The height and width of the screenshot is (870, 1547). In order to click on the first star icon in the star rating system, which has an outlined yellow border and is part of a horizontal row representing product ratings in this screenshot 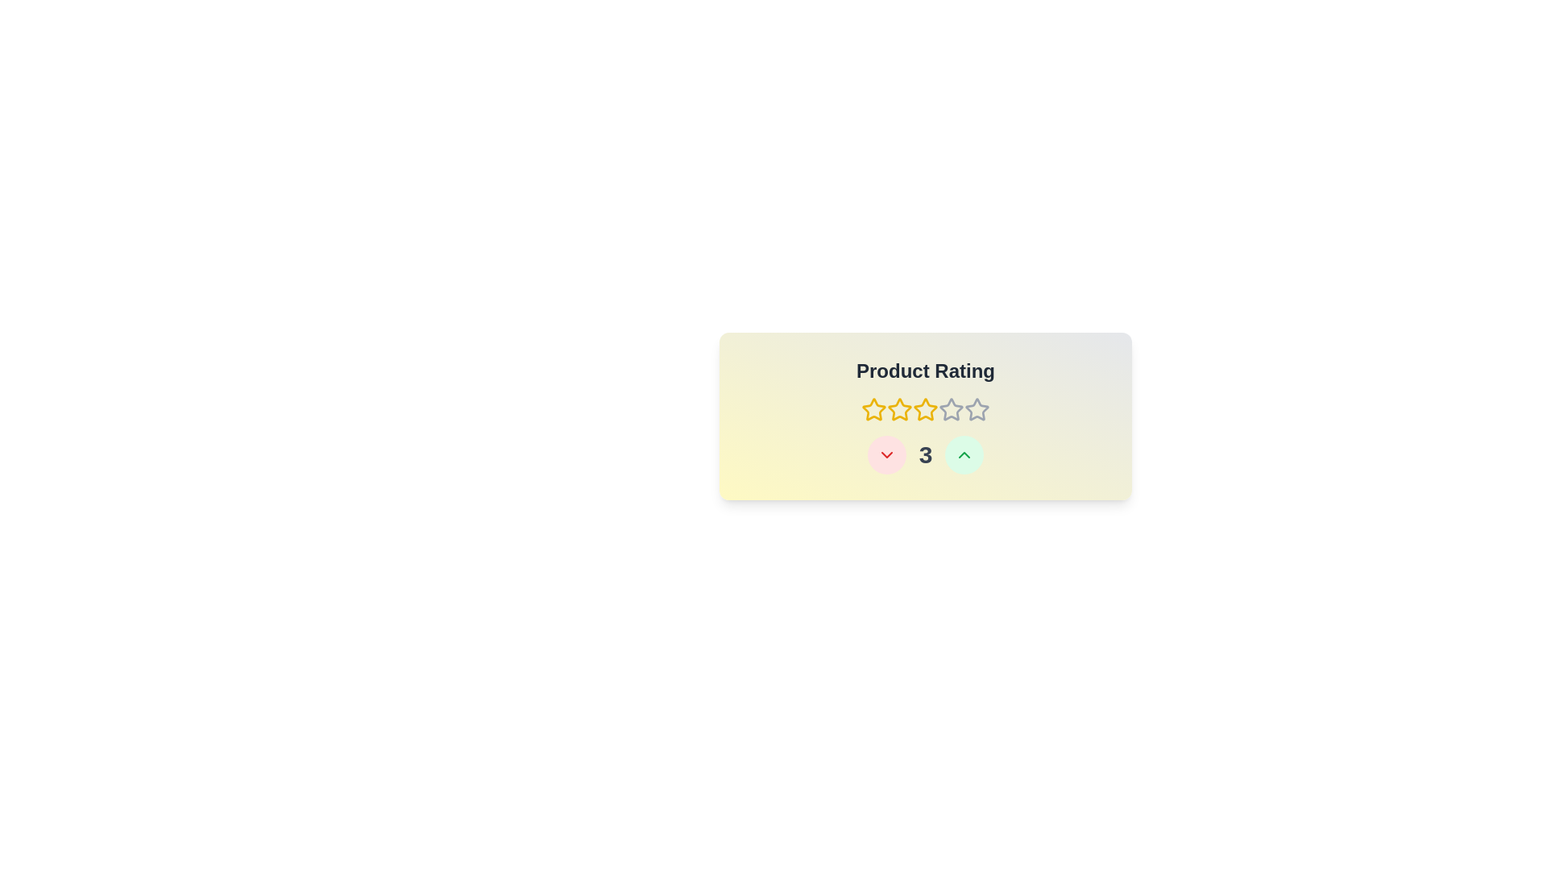, I will do `click(873, 408)`.